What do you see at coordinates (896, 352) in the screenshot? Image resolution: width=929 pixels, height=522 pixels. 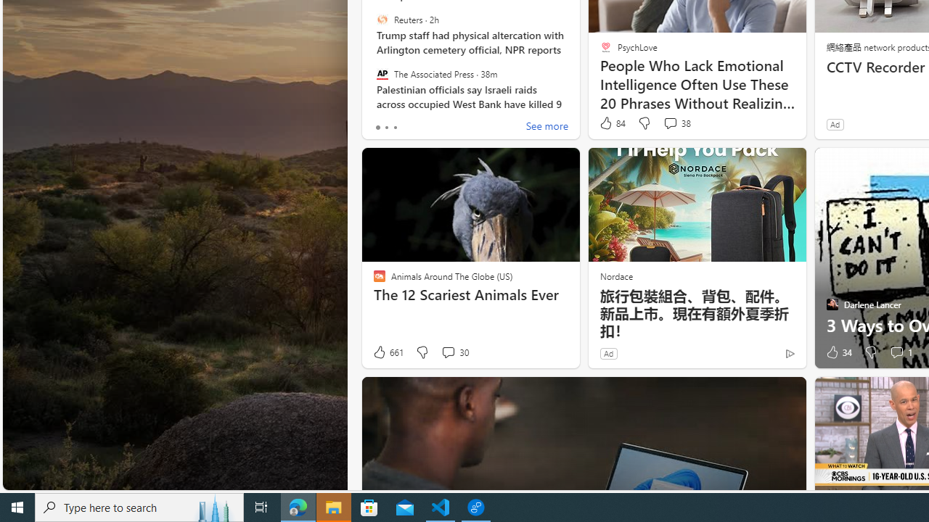 I see `'View comments 1 Comment'` at bounding box center [896, 352].